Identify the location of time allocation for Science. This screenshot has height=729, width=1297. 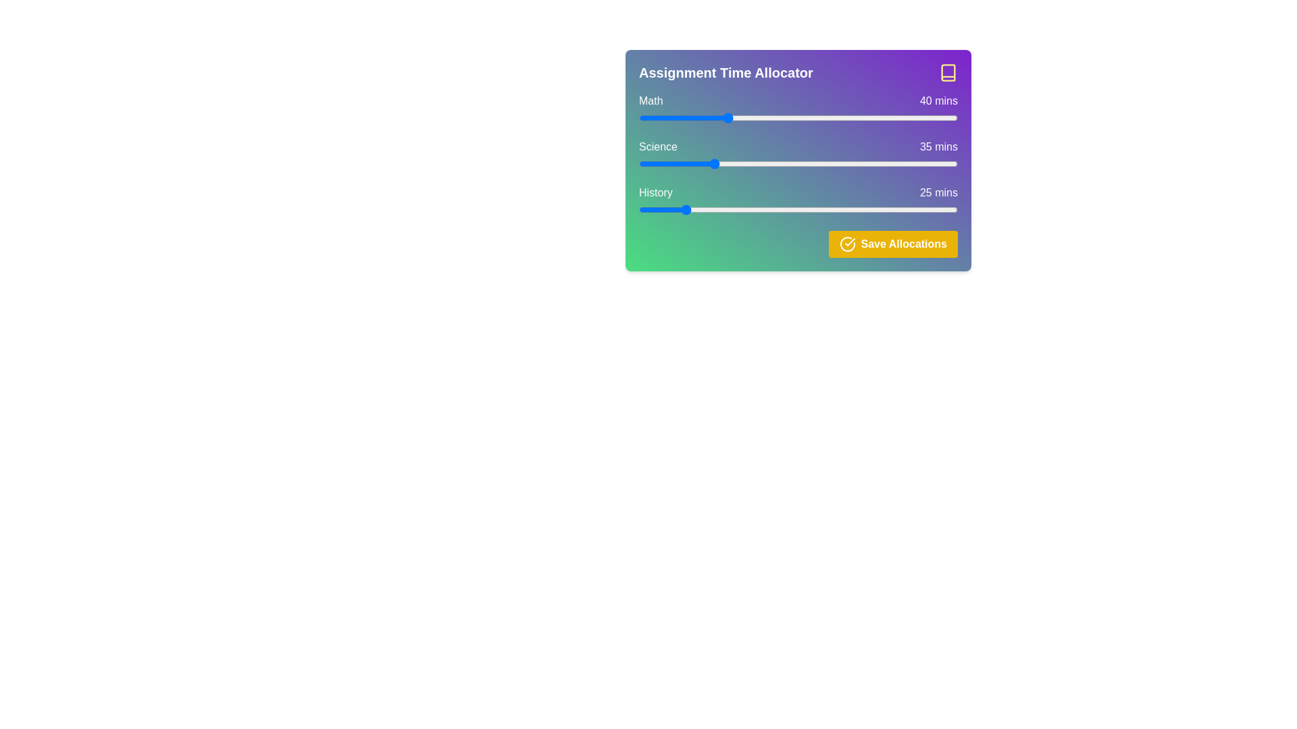
(659, 163).